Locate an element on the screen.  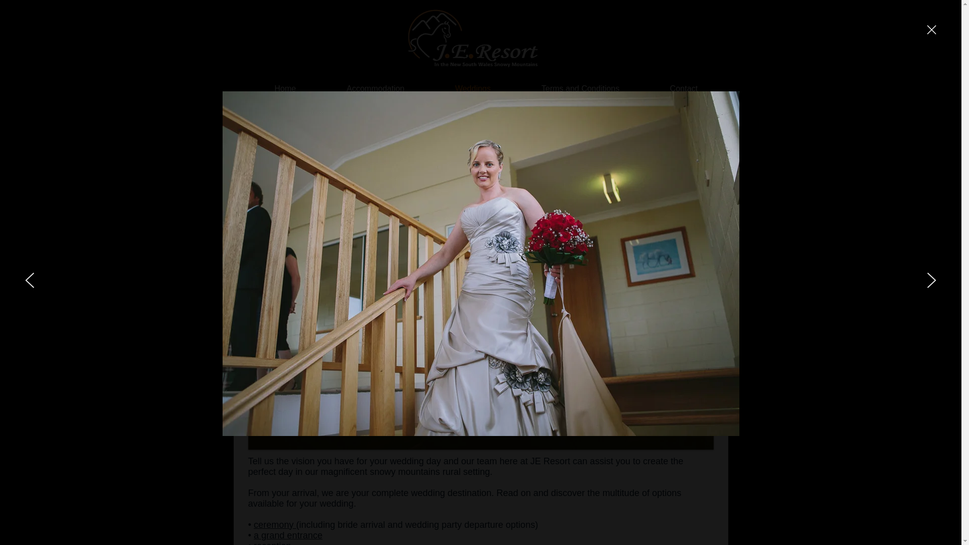
'a grand entrance' is located at coordinates (288, 534).